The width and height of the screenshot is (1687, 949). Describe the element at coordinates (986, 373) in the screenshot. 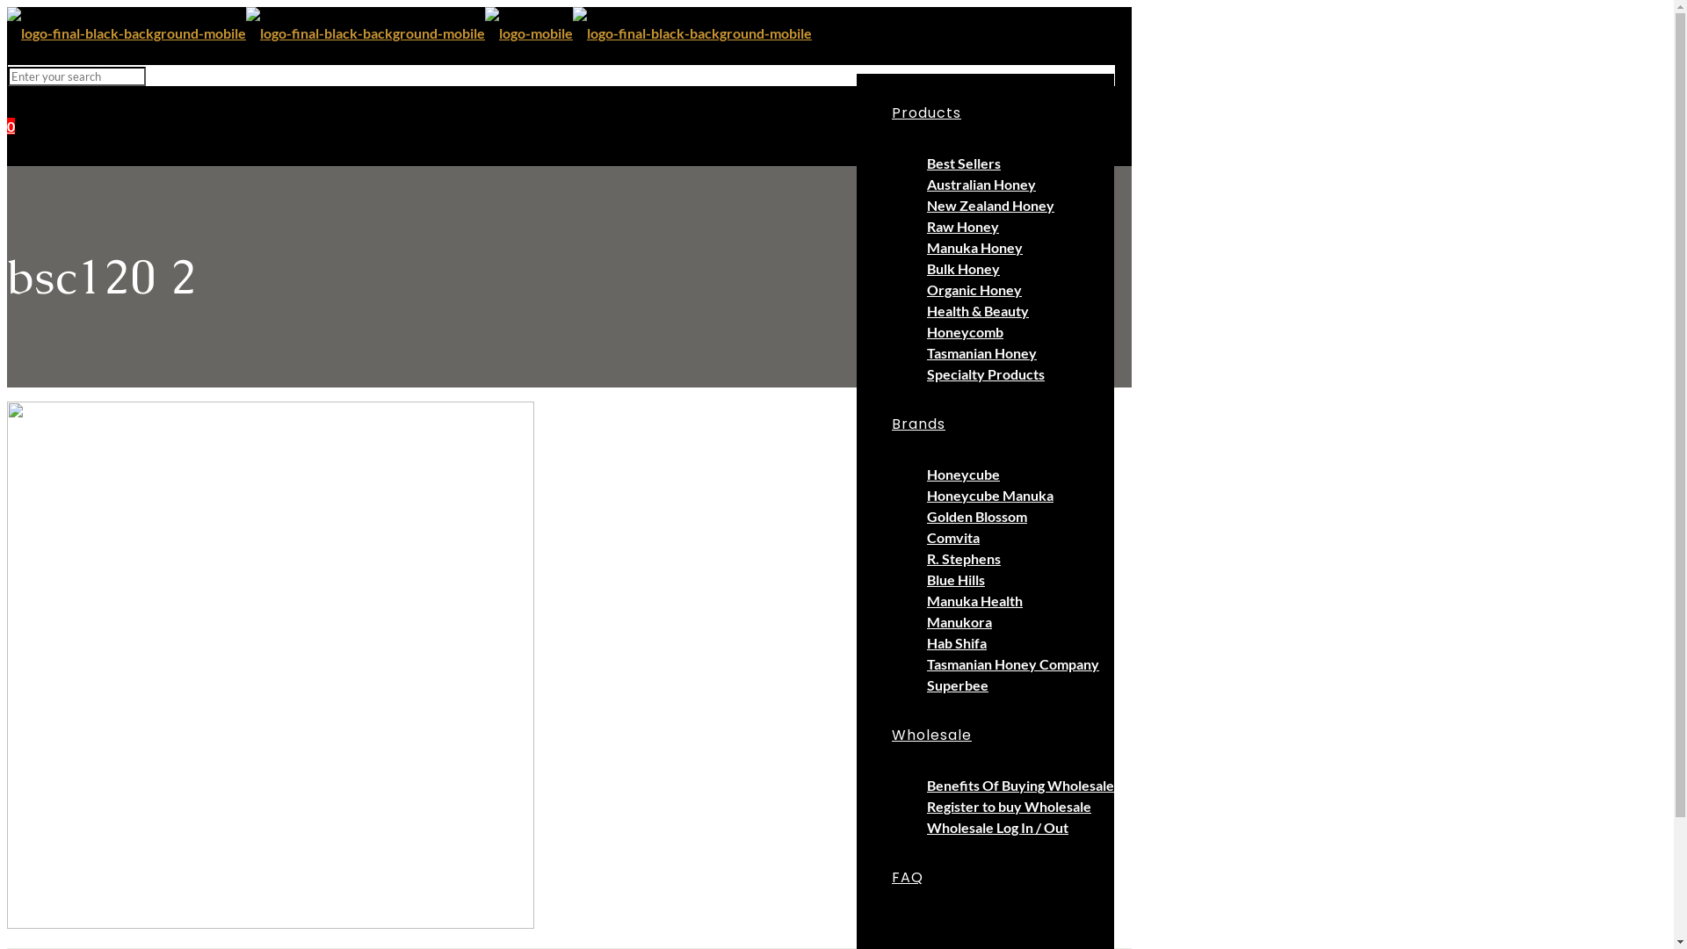

I see `'Specialty Products'` at that location.